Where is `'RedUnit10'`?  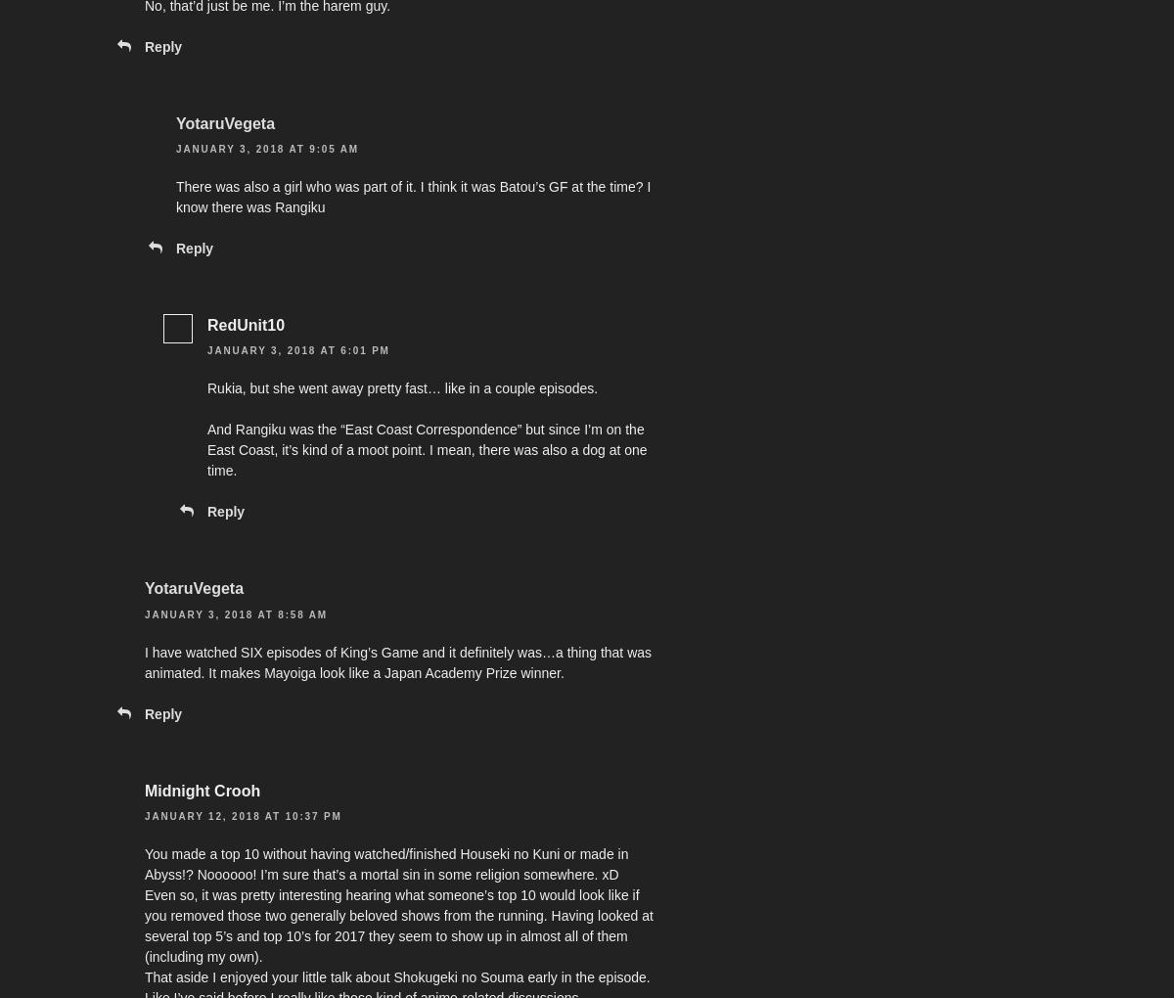
'RedUnit10' is located at coordinates (245, 325).